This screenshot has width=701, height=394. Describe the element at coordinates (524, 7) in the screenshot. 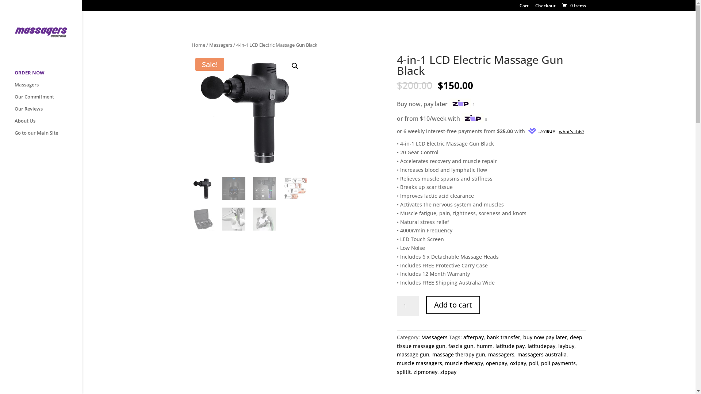

I see `'Cart'` at that location.